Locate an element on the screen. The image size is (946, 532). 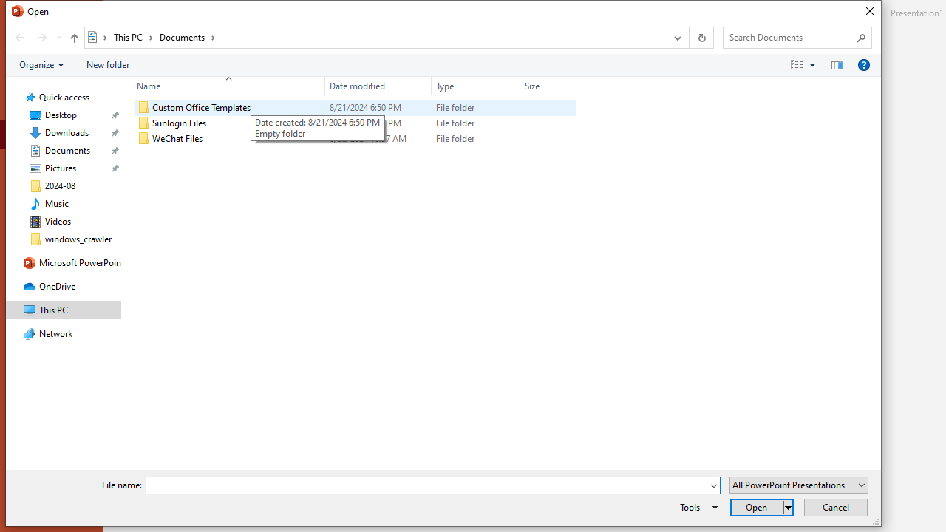
'Documents' is located at coordinates (187, 36).